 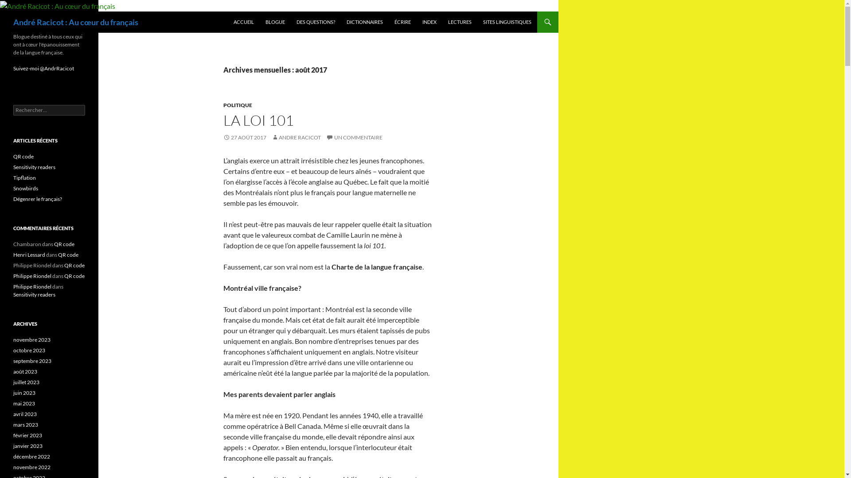 What do you see at coordinates (24, 392) in the screenshot?
I see `'juin 2023'` at bounding box center [24, 392].